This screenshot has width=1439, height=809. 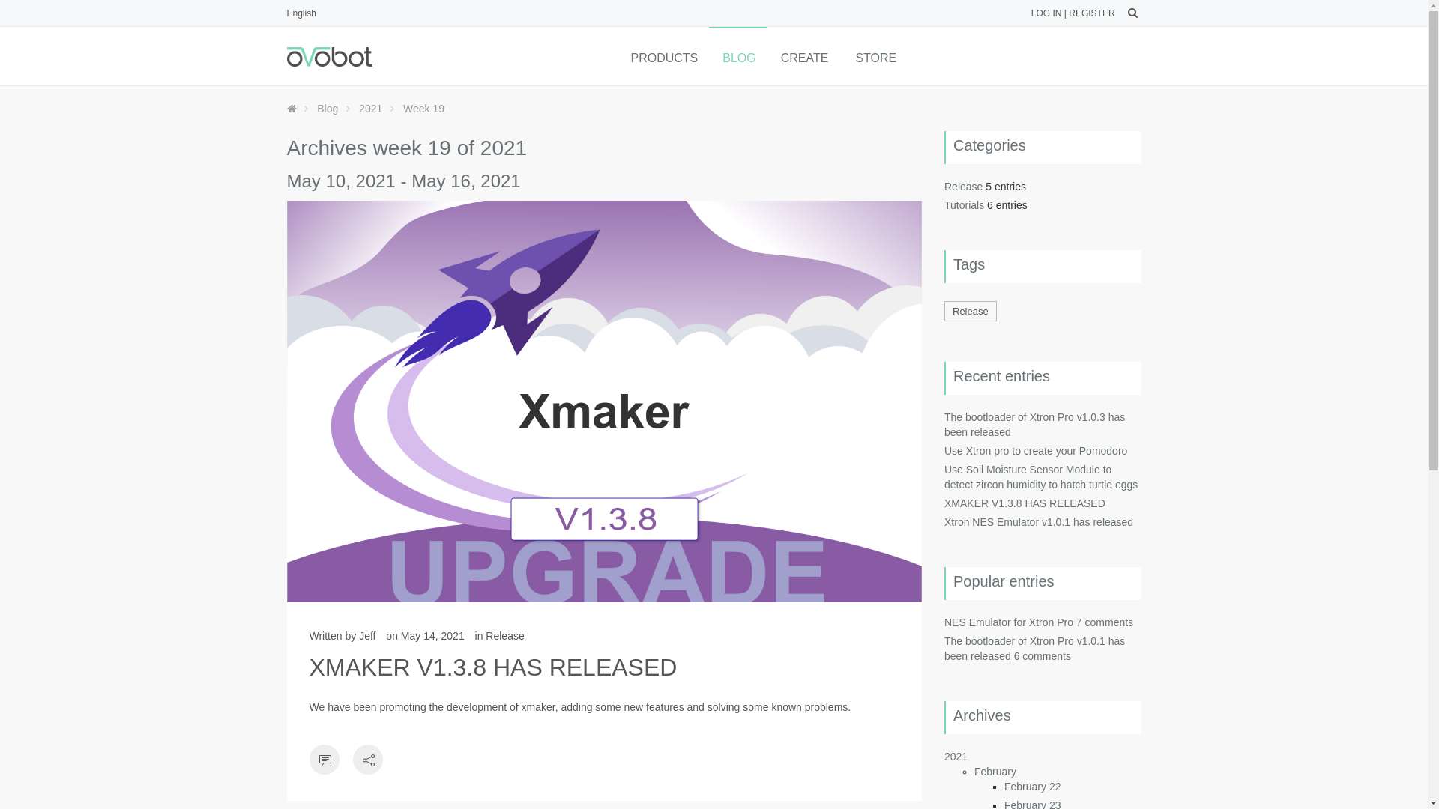 What do you see at coordinates (1004, 785) in the screenshot?
I see `'February 22'` at bounding box center [1004, 785].